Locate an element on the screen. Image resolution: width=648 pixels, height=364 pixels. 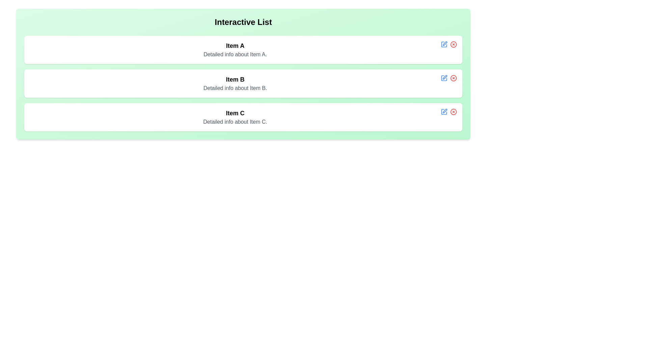
the delete button located at the end of the row in the first item of the interactive list is located at coordinates (454, 44).